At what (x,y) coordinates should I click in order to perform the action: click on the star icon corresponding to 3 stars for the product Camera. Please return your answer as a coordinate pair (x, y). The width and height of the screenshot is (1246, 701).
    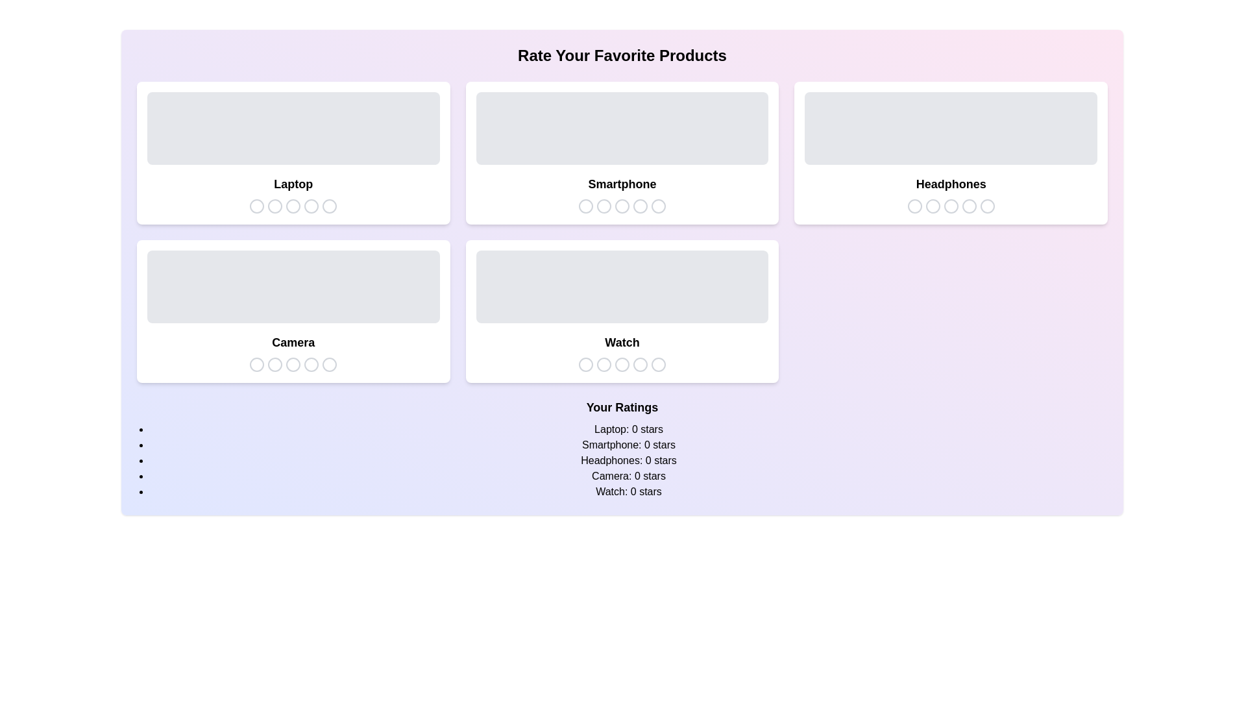
    Looking at the image, I should click on (292, 365).